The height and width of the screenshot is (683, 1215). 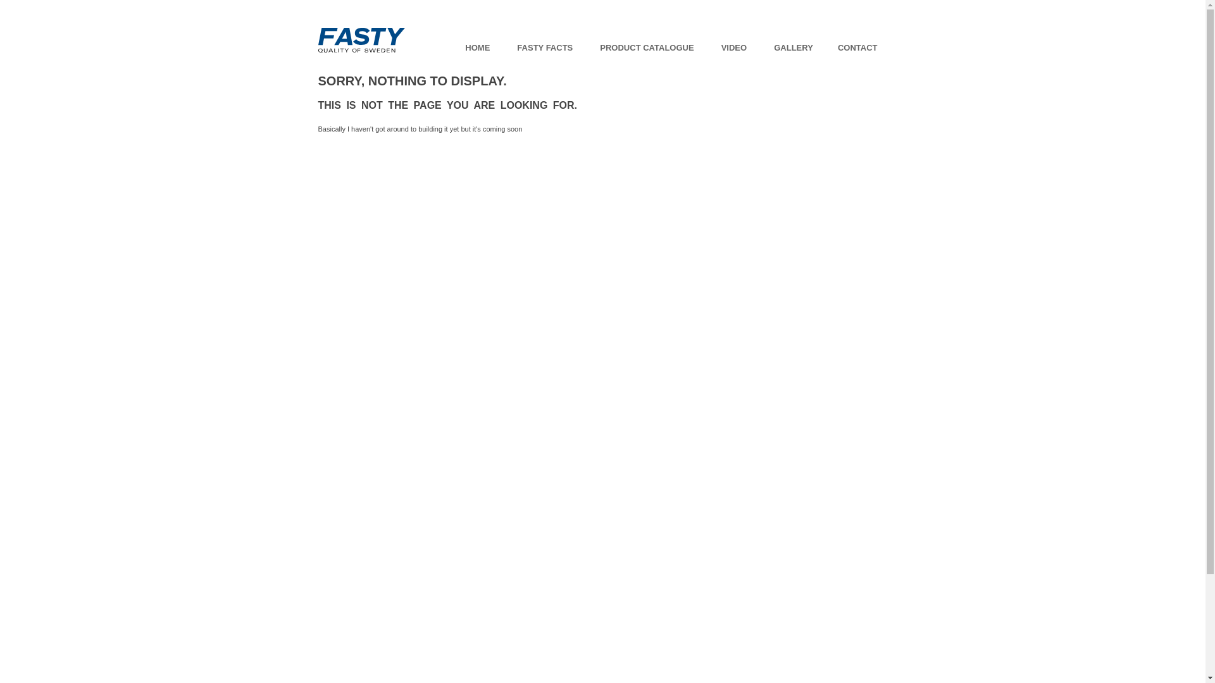 I want to click on 'FASTY FACTS', so click(x=507, y=47).